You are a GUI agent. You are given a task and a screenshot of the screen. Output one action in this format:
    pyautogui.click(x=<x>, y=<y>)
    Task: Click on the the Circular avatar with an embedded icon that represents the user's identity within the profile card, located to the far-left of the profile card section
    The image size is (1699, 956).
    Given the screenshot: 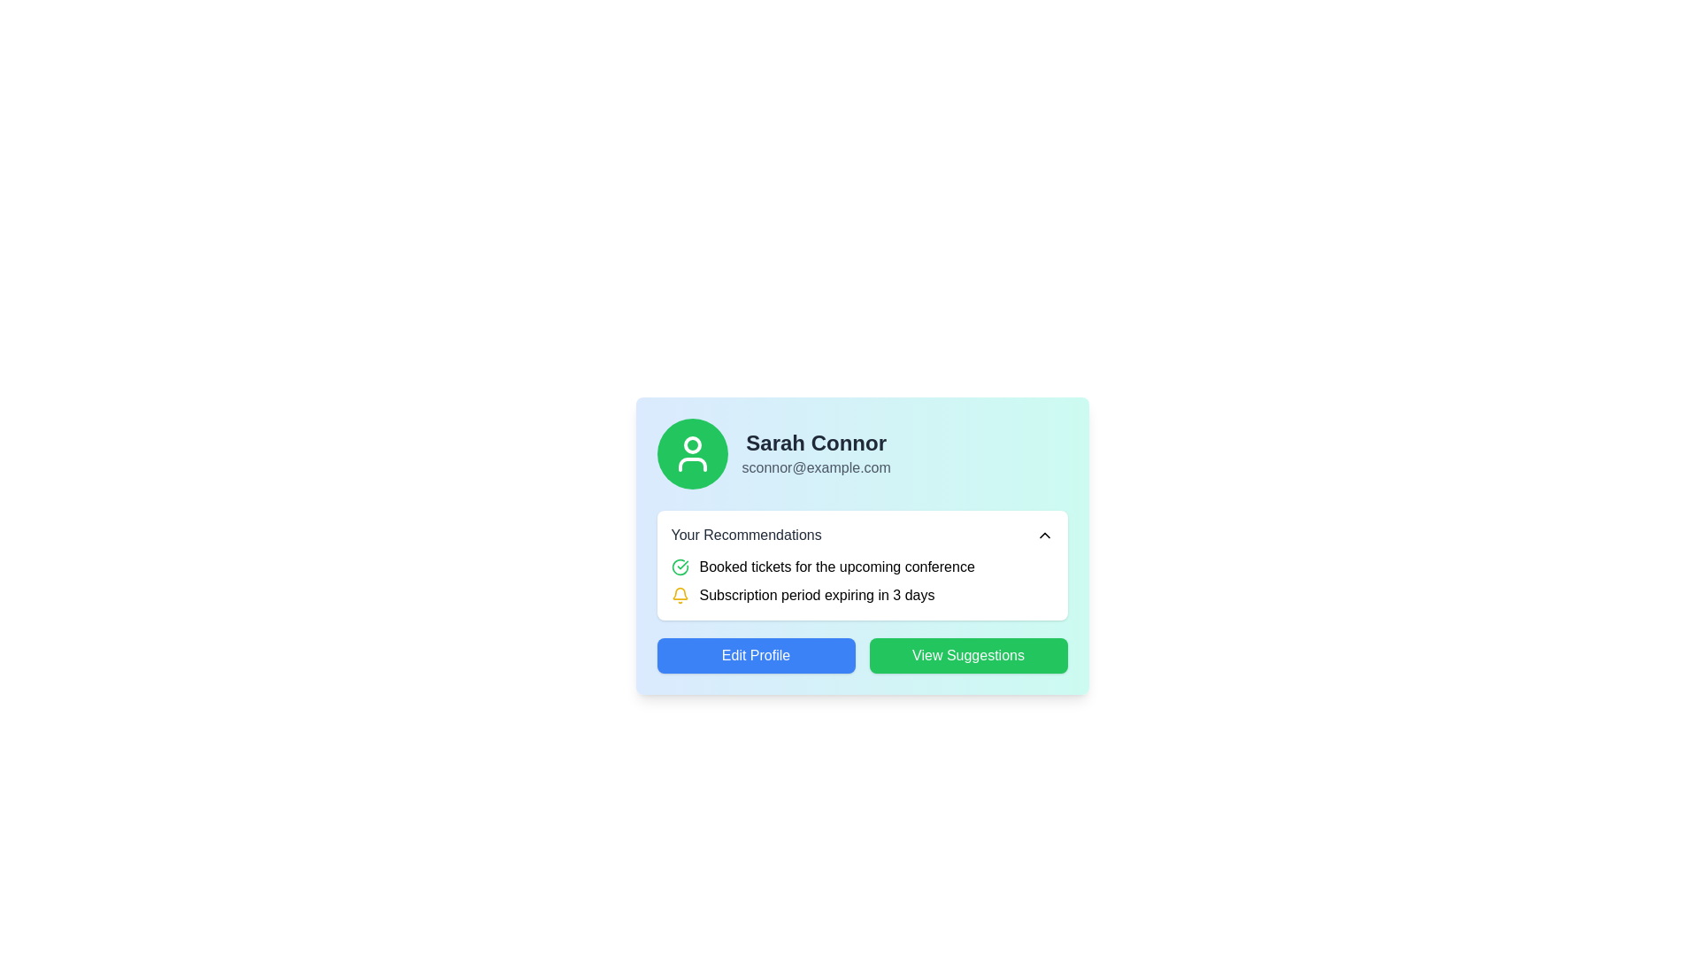 What is the action you would take?
    pyautogui.click(x=691, y=453)
    